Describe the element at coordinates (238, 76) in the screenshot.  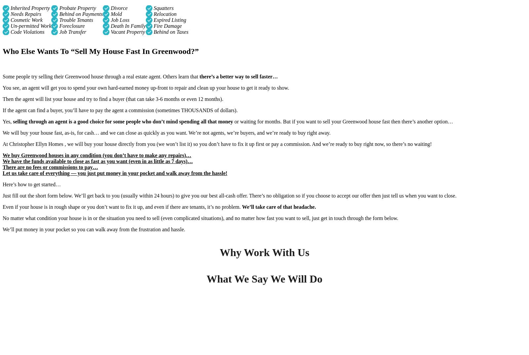
I see `'there’s a better way to sell faster…'` at that location.